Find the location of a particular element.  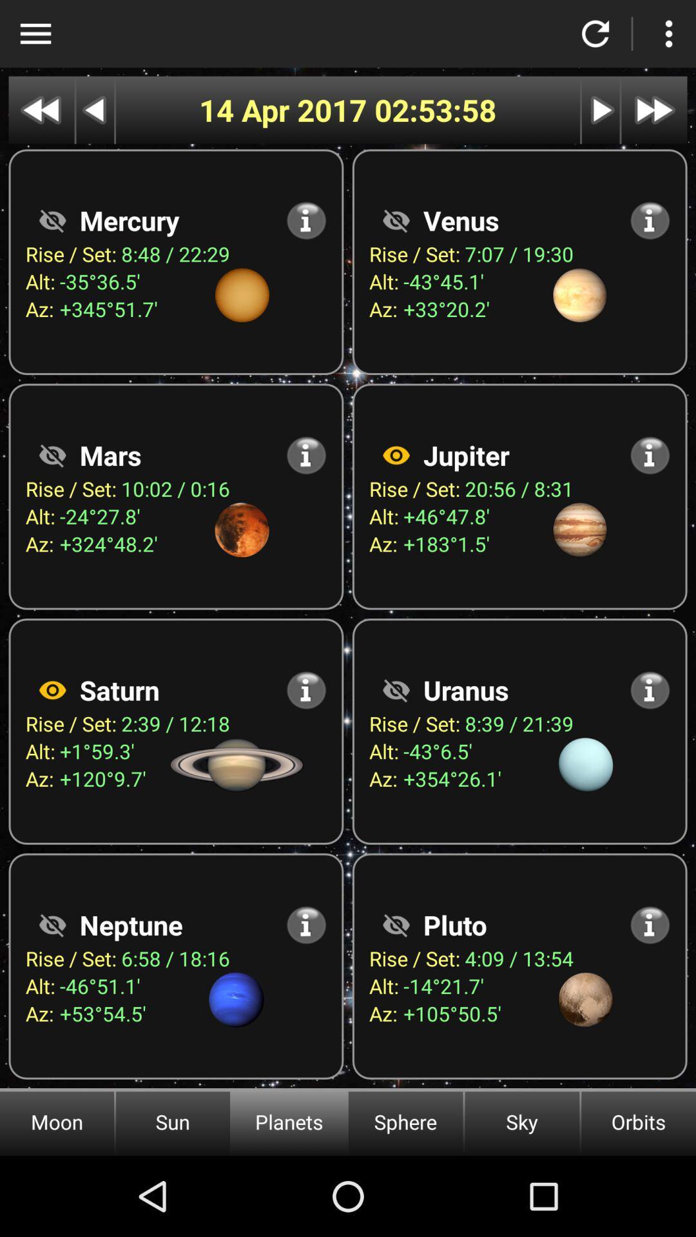

the visibility icon is located at coordinates (52, 220).